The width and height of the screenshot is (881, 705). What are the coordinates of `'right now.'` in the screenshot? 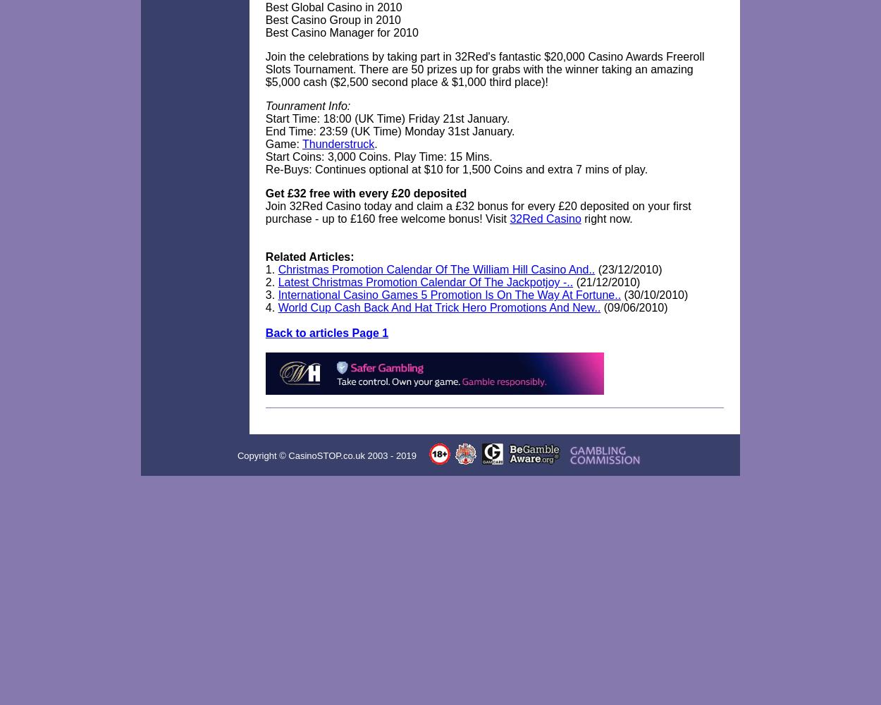 It's located at (605, 219).